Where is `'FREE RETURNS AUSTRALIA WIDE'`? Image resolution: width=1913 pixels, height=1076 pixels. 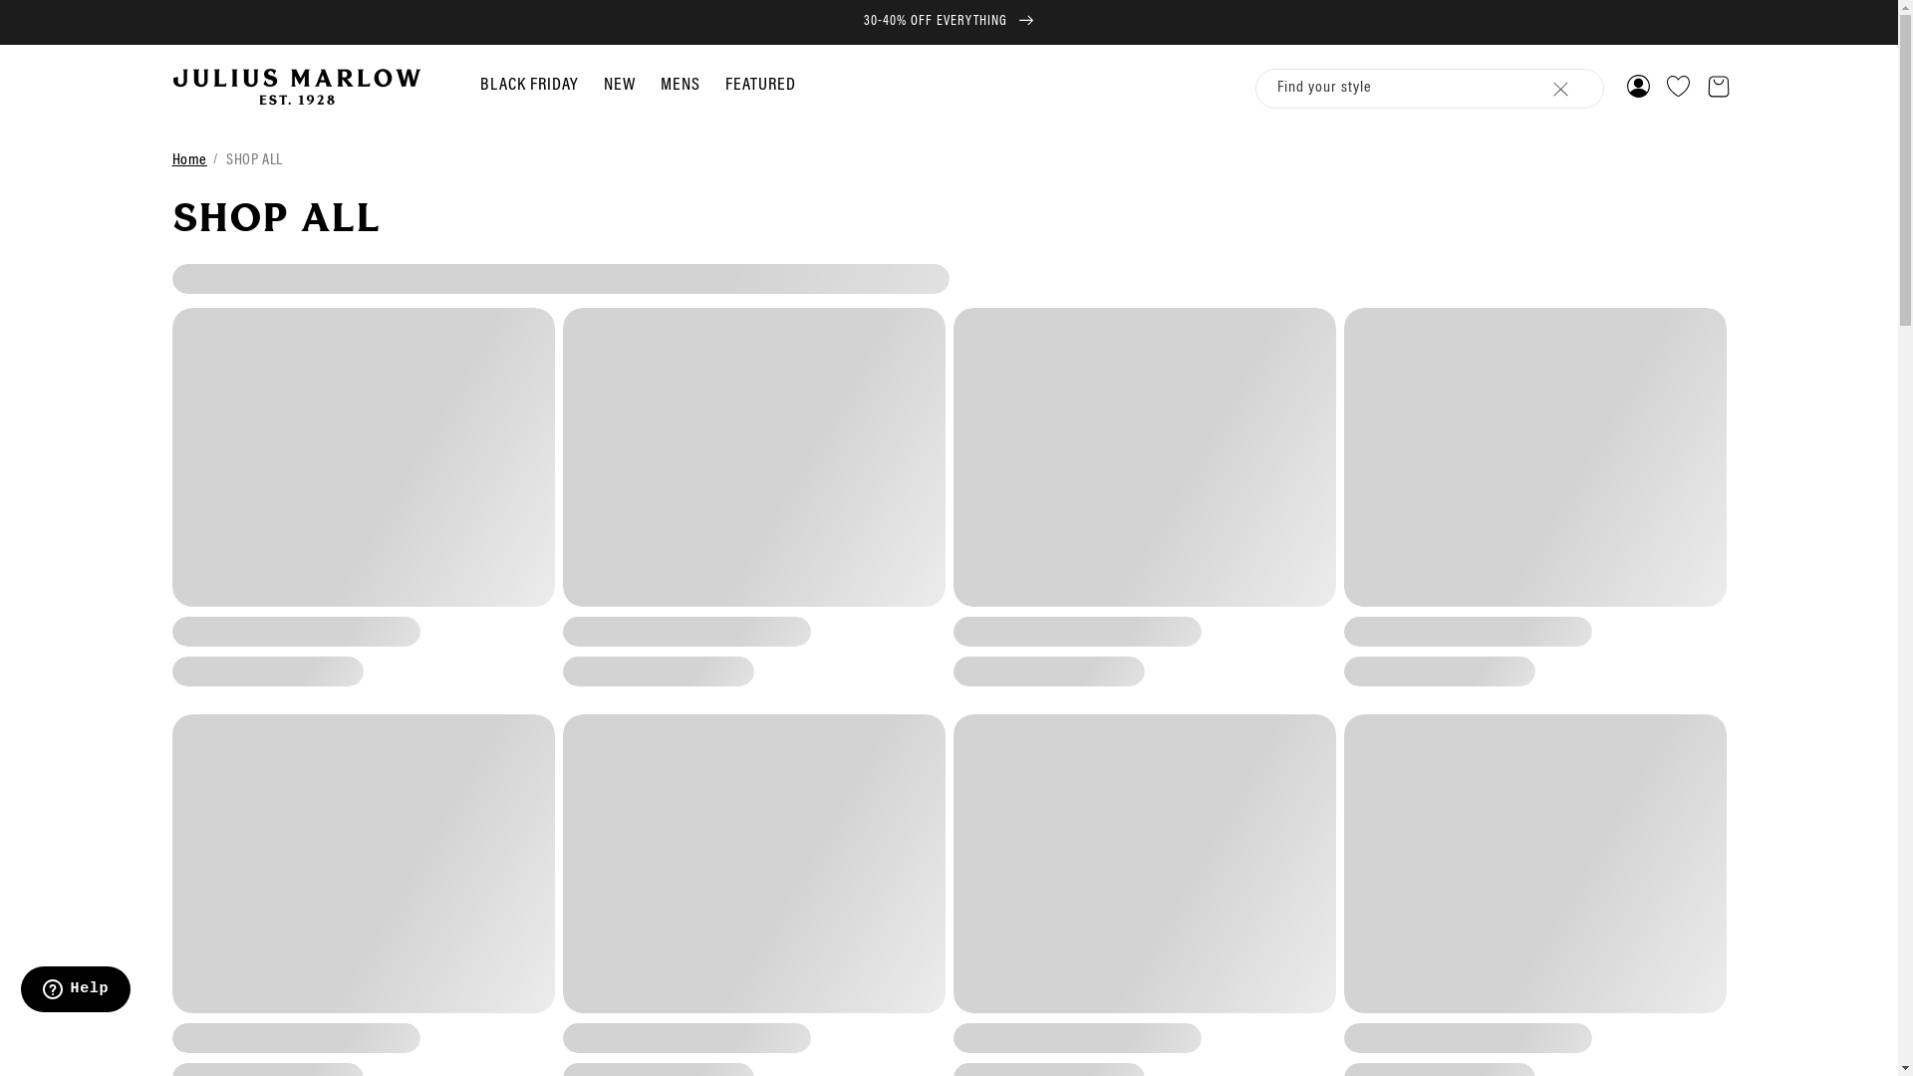
'FREE RETURNS AUSTRALIA WIDE' is located at coordinates (948, 22).